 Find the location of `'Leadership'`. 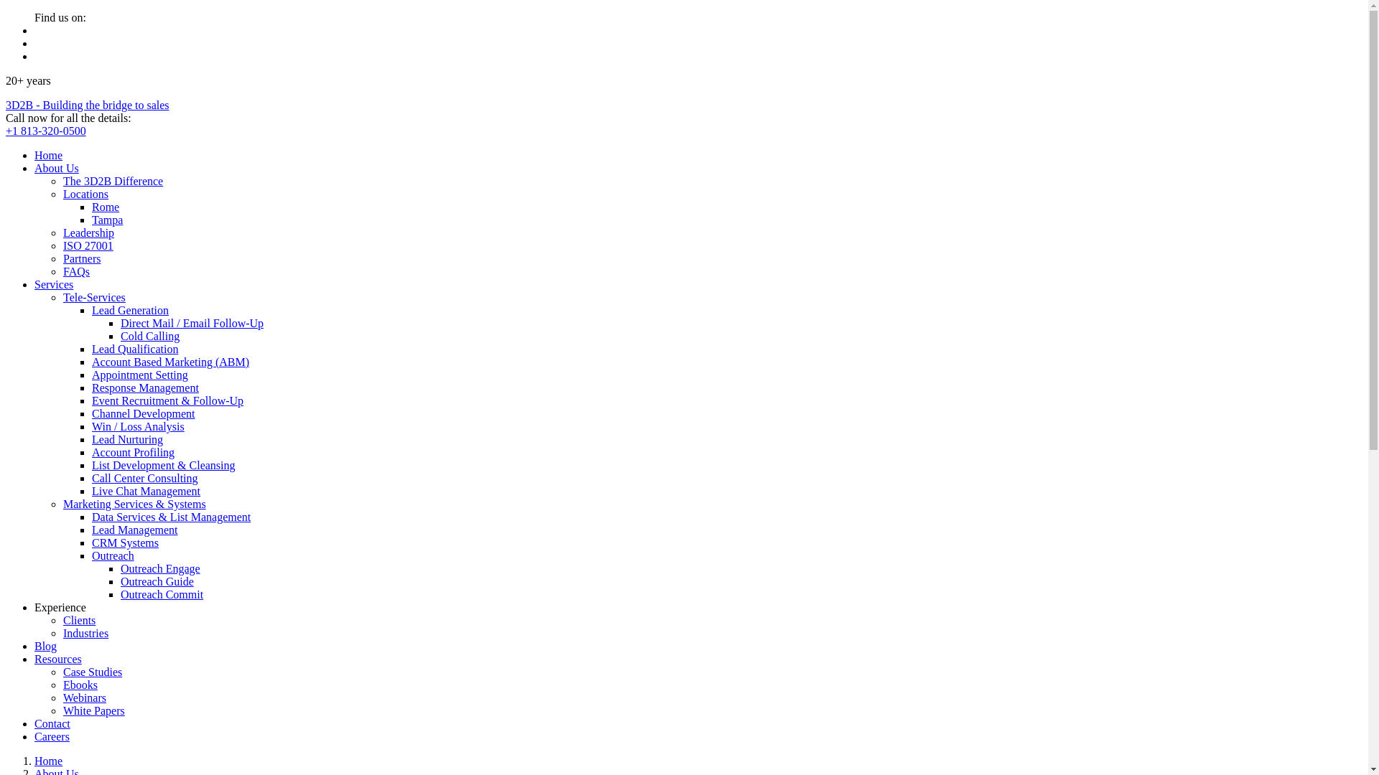

'Leadership' is located at coordinates (88, 232).